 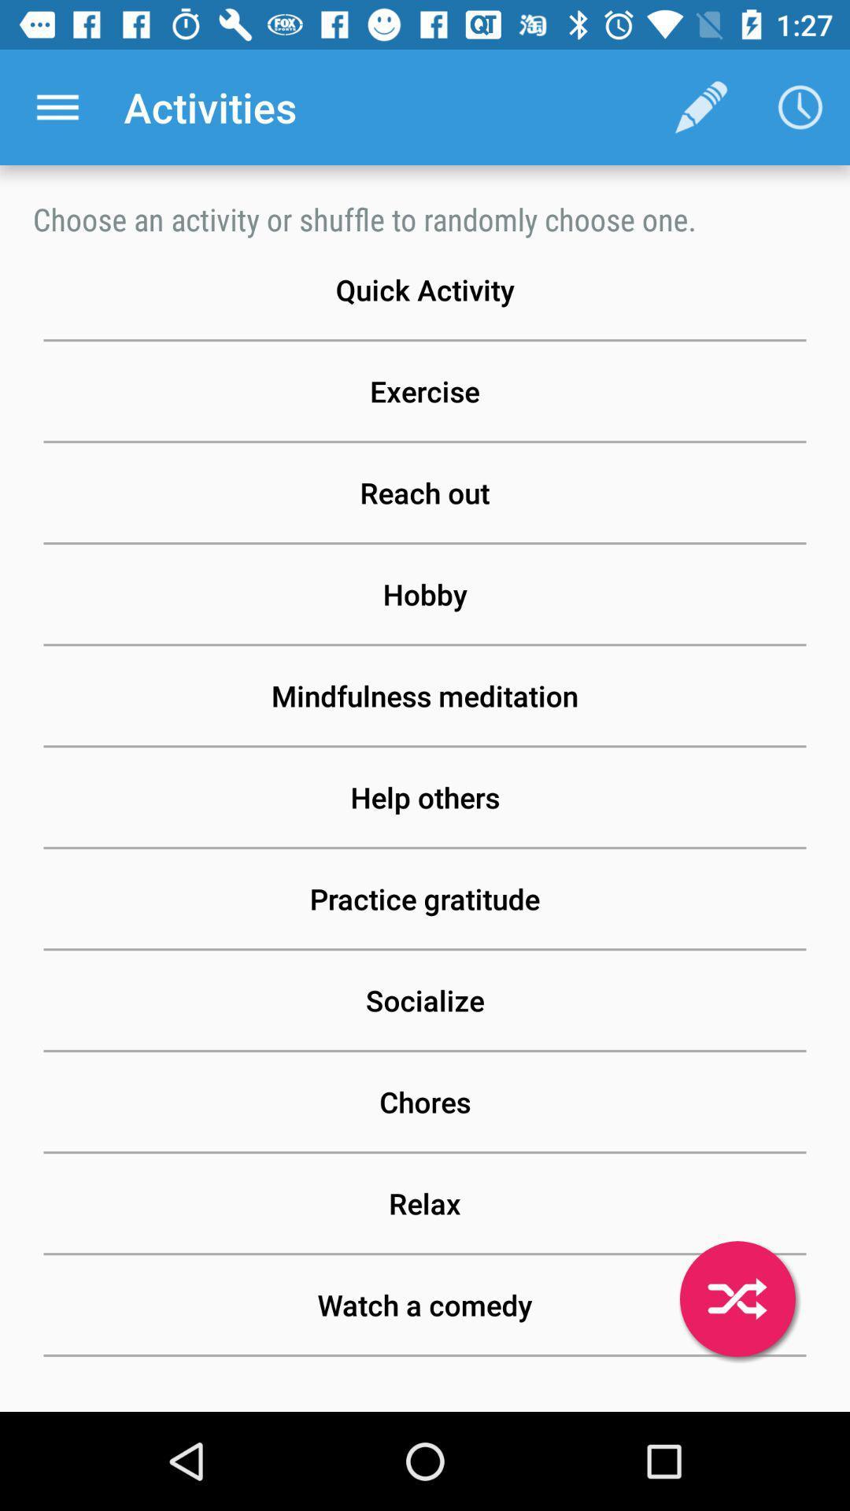 I want to click on item above the choose an activity app, so click(x=57, y=106).